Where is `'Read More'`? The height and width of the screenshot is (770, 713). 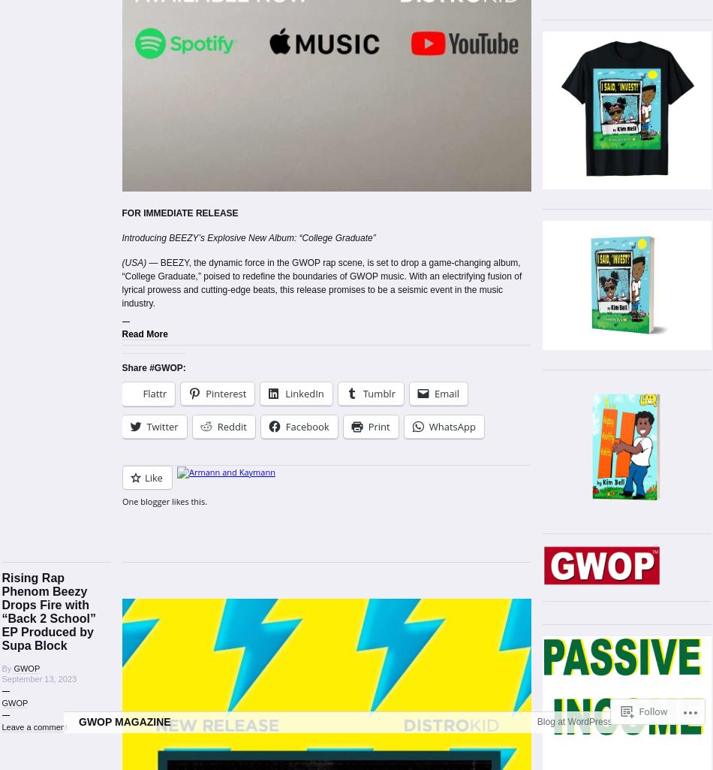 'Read More' is located at coordinates (144, 333).